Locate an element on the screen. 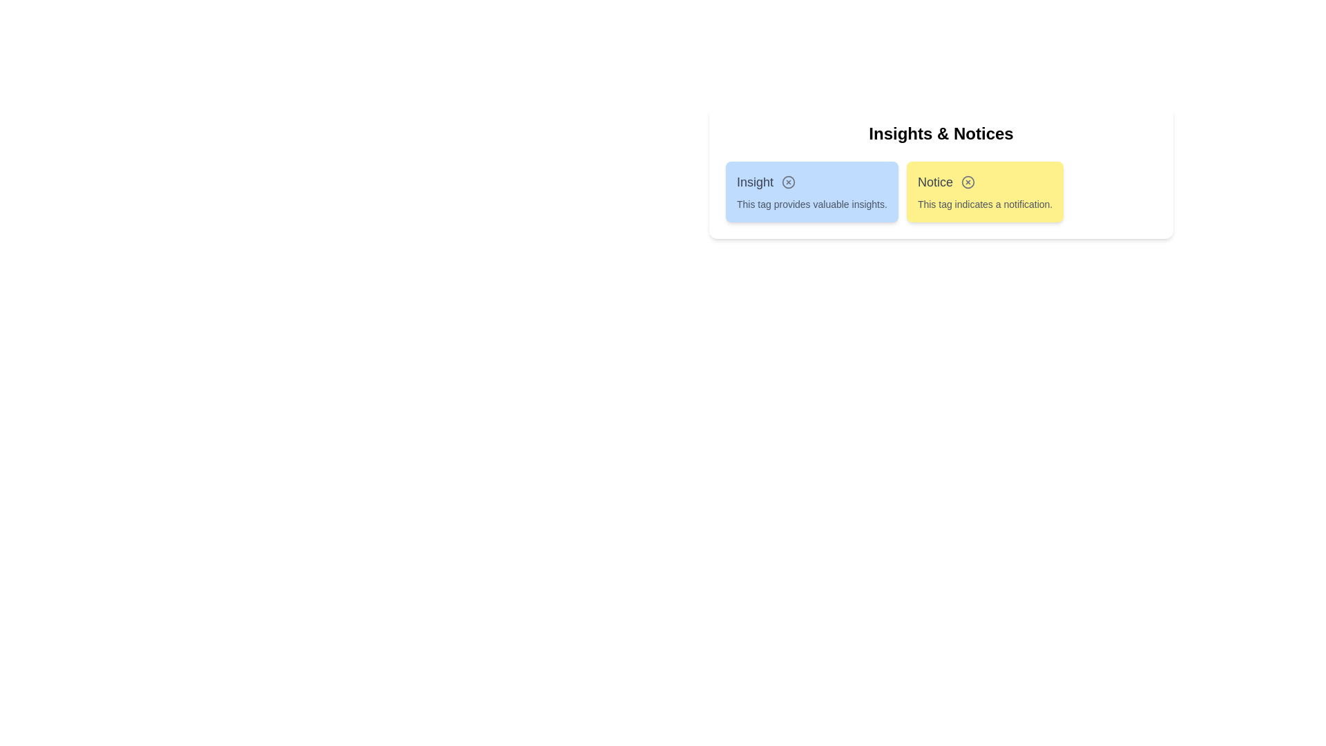 This screenshot has width=1326, height=746. the tag Insight to read its description is located at coordinates (812, 191).